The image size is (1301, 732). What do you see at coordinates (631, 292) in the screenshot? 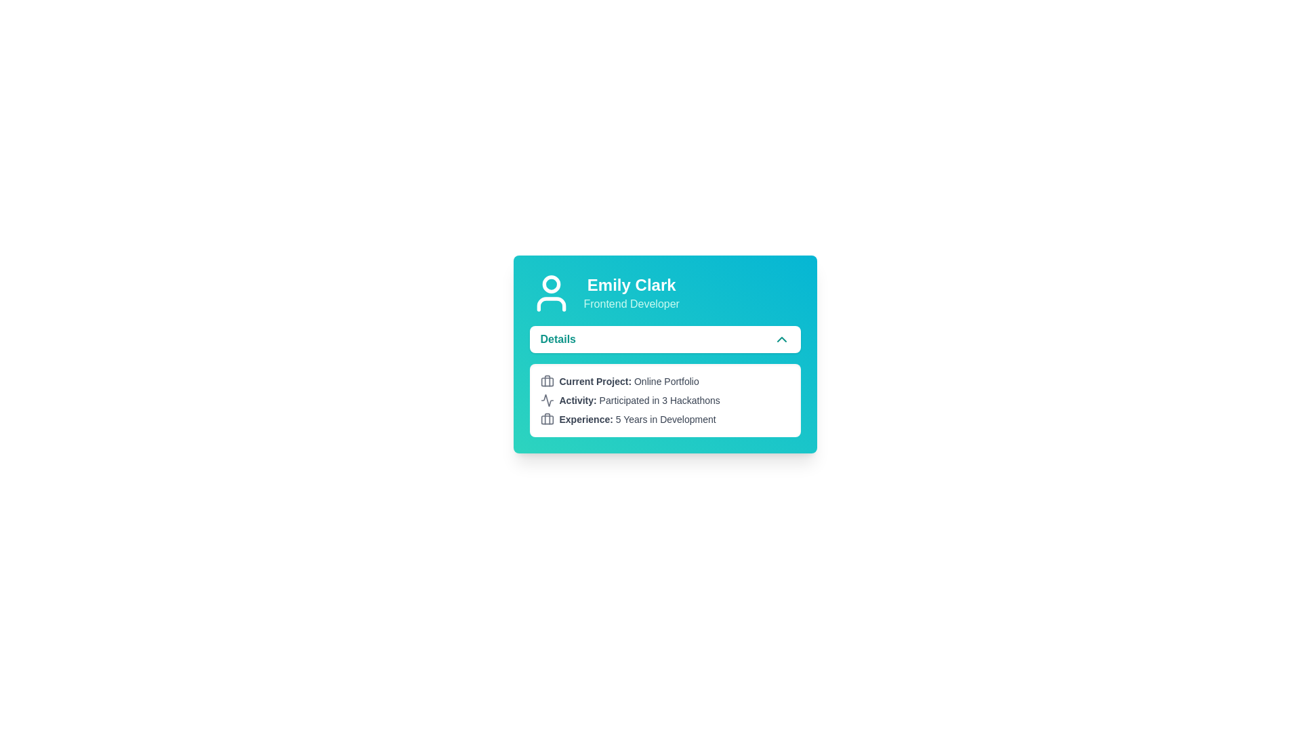
I see `displayed information from the Text Information Display that shows the name 'Emily Clark' and the title 'Frontend Developer' against a teal gradient background, located on the right side of the user icon` at bounding box center [631, 292].